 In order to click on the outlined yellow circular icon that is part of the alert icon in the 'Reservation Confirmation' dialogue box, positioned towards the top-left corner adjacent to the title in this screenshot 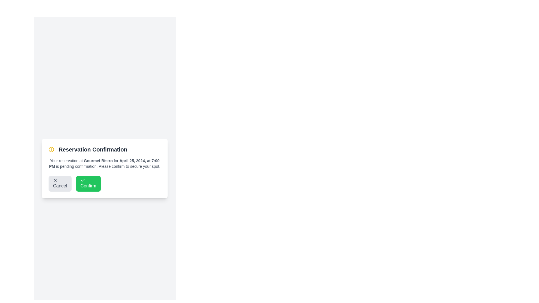, I will do `click(51, 149)`.